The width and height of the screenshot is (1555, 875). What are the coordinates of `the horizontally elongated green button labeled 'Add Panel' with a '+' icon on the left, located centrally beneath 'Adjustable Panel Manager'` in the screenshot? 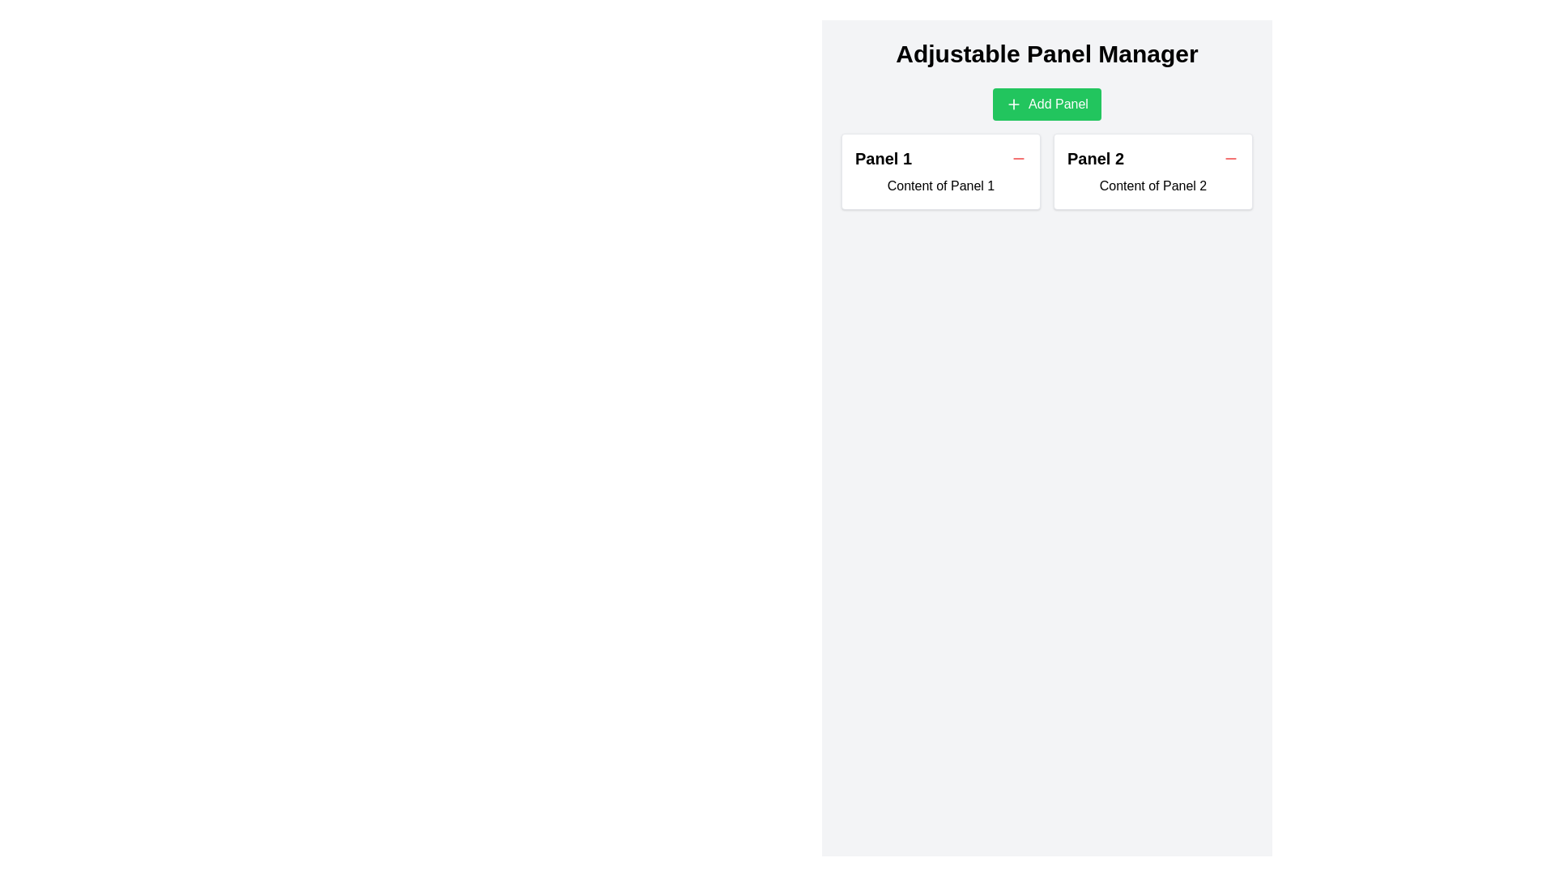 It's located at (1046, 104).